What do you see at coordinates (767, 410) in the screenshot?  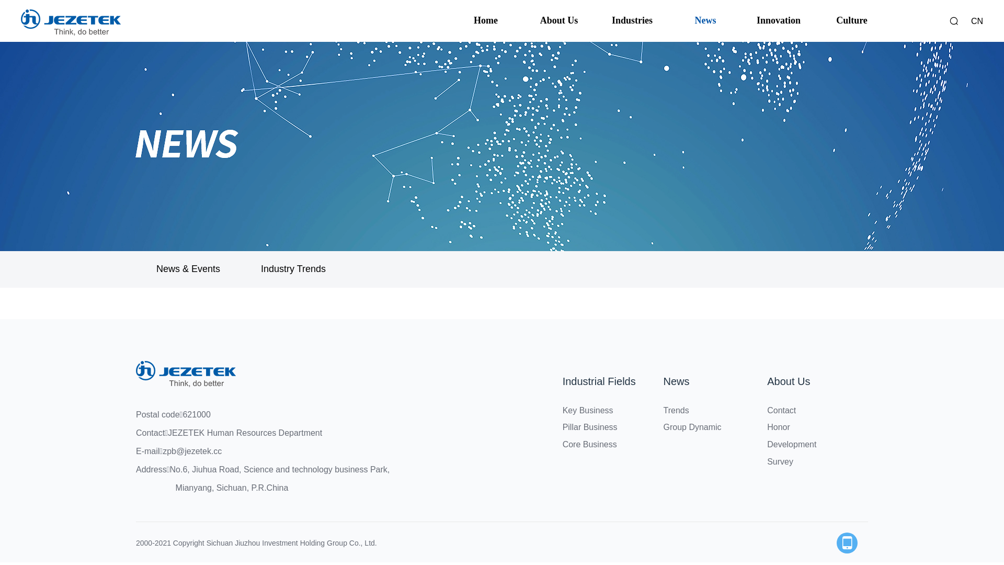 I see `'Contact'` at bounding box center [767, 410].